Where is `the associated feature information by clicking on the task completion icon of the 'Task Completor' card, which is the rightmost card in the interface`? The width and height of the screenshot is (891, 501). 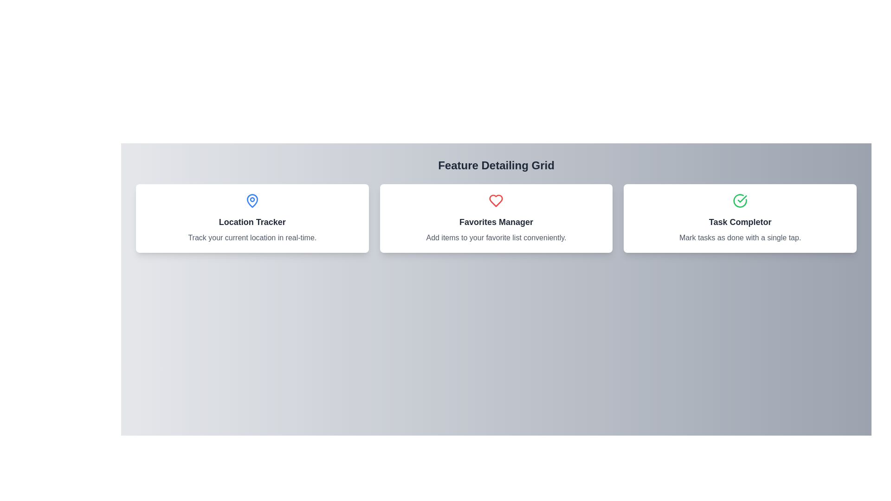 the associated feature information by clicking on the task completion icon of the 'Task Completor' card, which is the rightmost card in the interface is located at coordinates (740, 200).